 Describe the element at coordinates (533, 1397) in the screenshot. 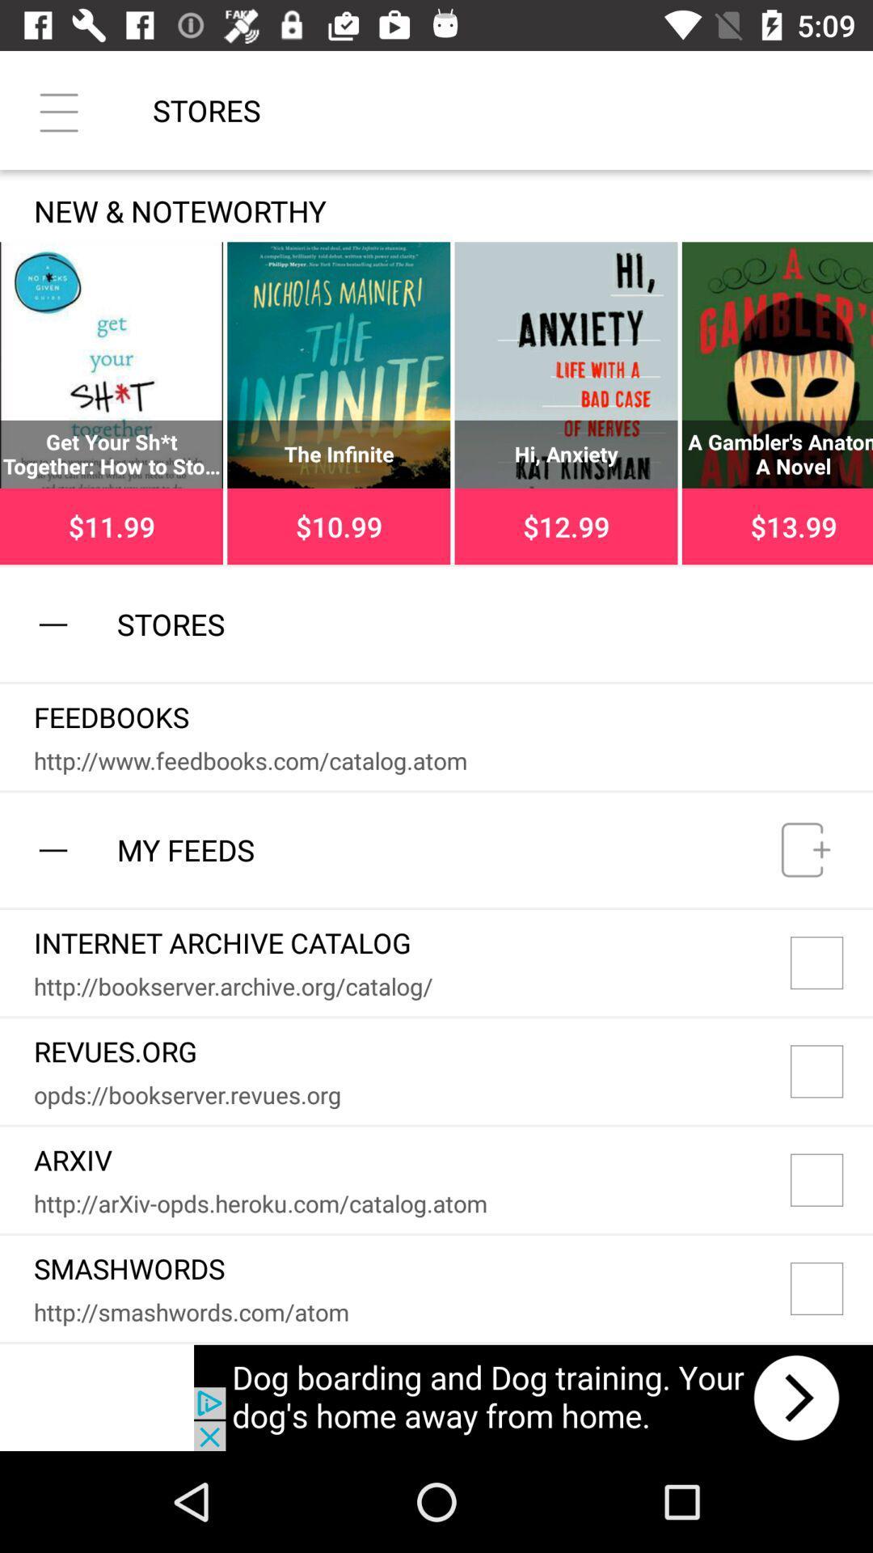

I see `advertisement` at that location.